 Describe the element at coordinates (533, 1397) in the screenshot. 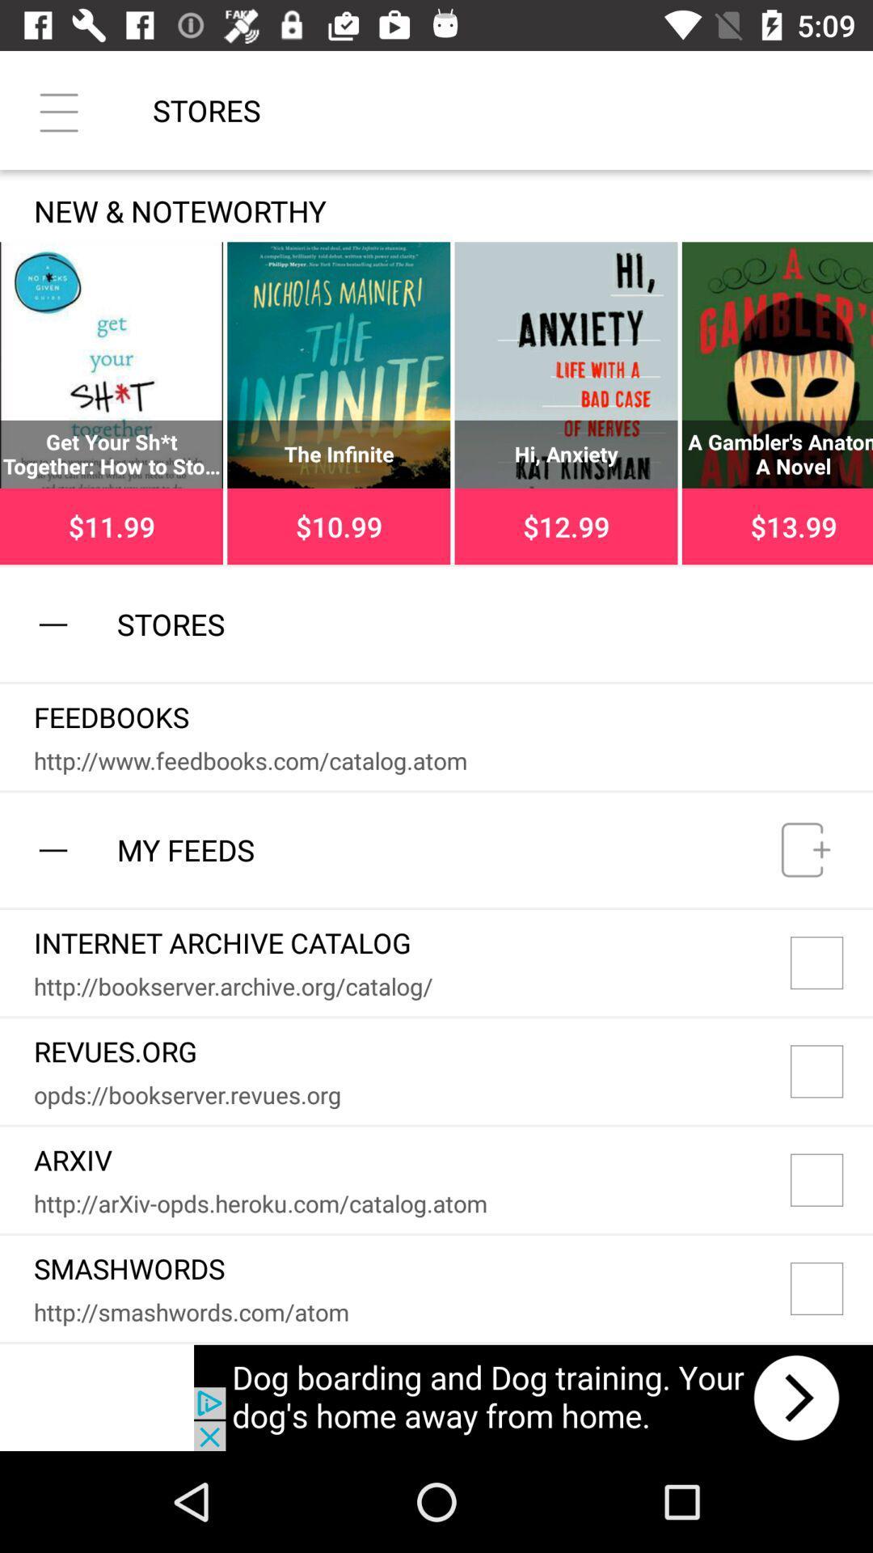

I see `advertisement` at that location.